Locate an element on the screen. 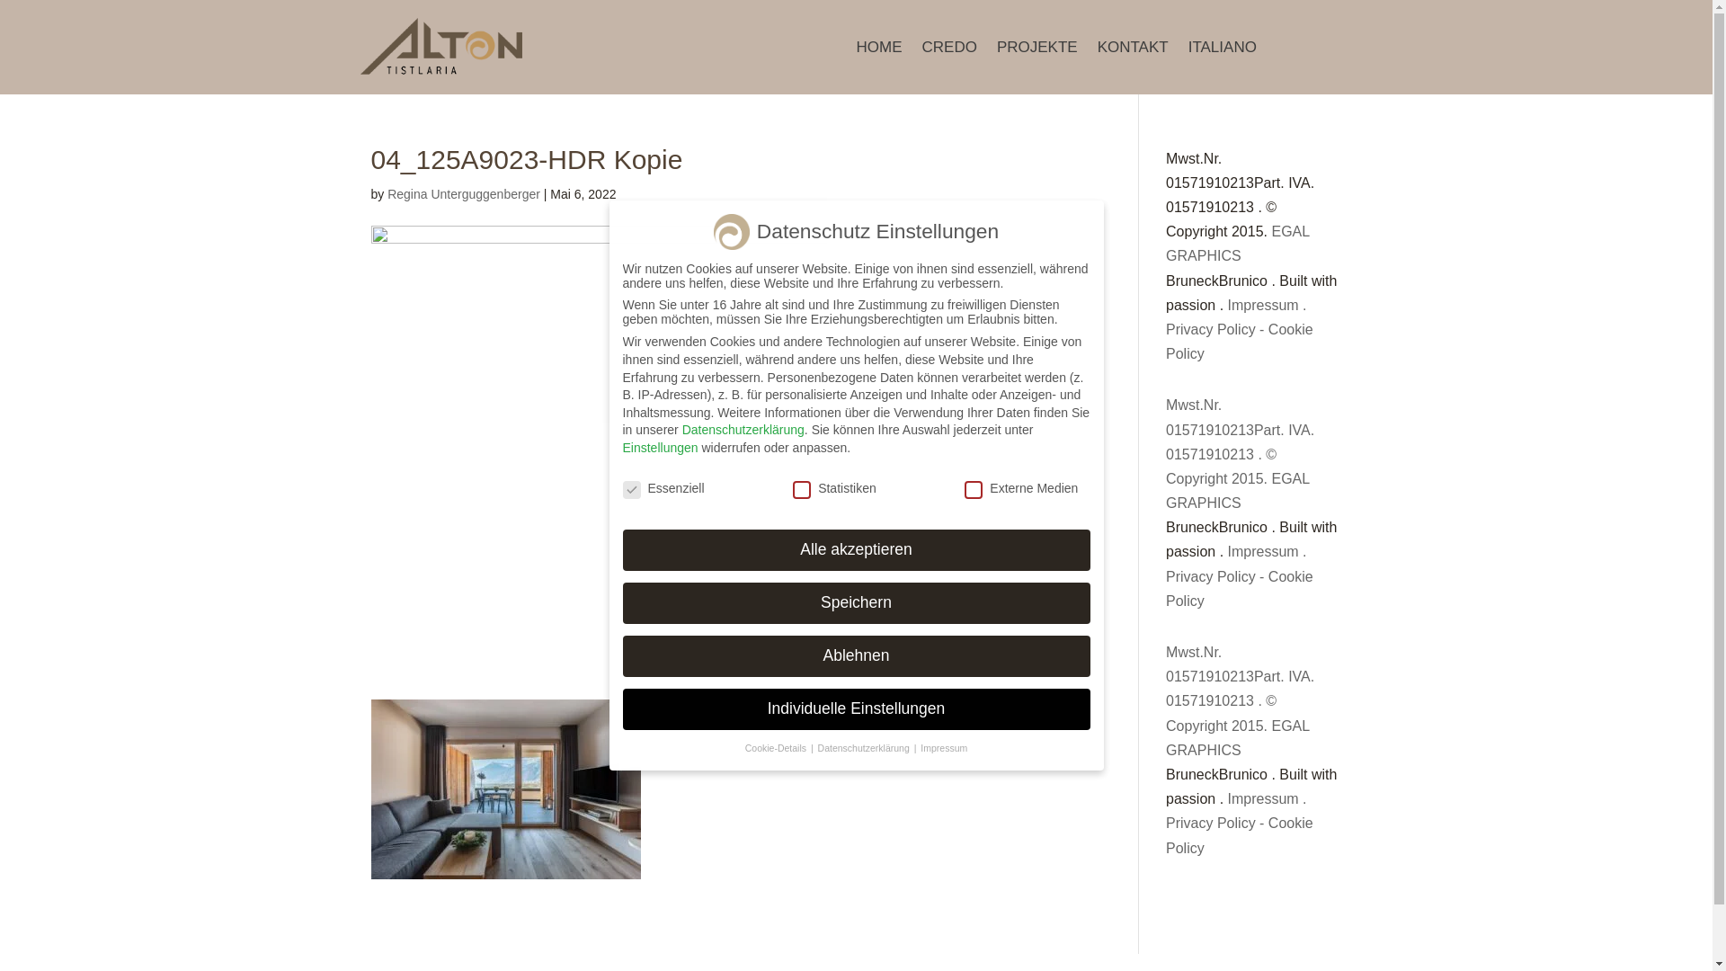  'PROJEKTE' is located at coordinates (1036, 50).